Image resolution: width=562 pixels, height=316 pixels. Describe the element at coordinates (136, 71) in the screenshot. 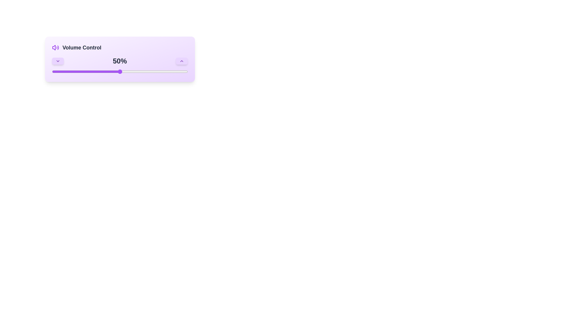

I see `the volume slider` at that location.